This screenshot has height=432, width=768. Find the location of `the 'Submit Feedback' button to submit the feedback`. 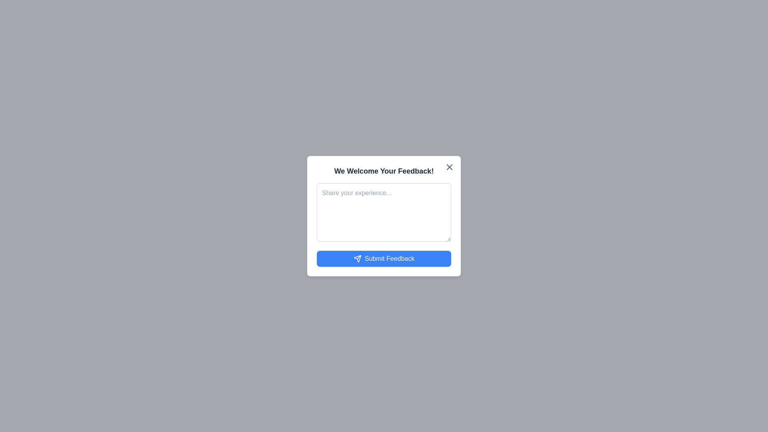

the 'Submit Feedback' button to submit the feedback is located at coordinates (384, 258).